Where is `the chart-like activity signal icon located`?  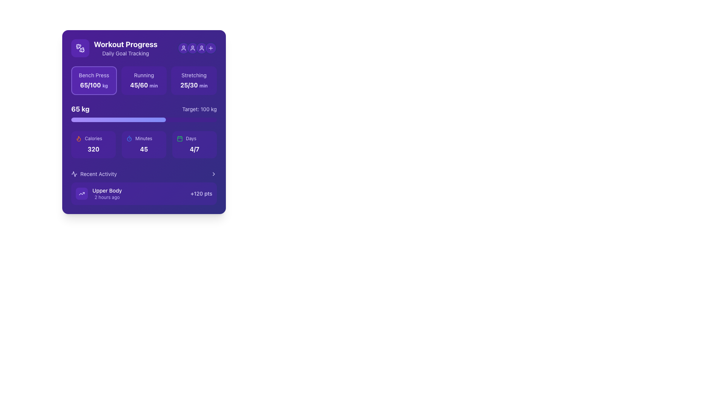 the chart-like activity signal icon located is located at coordinates (74, 174).